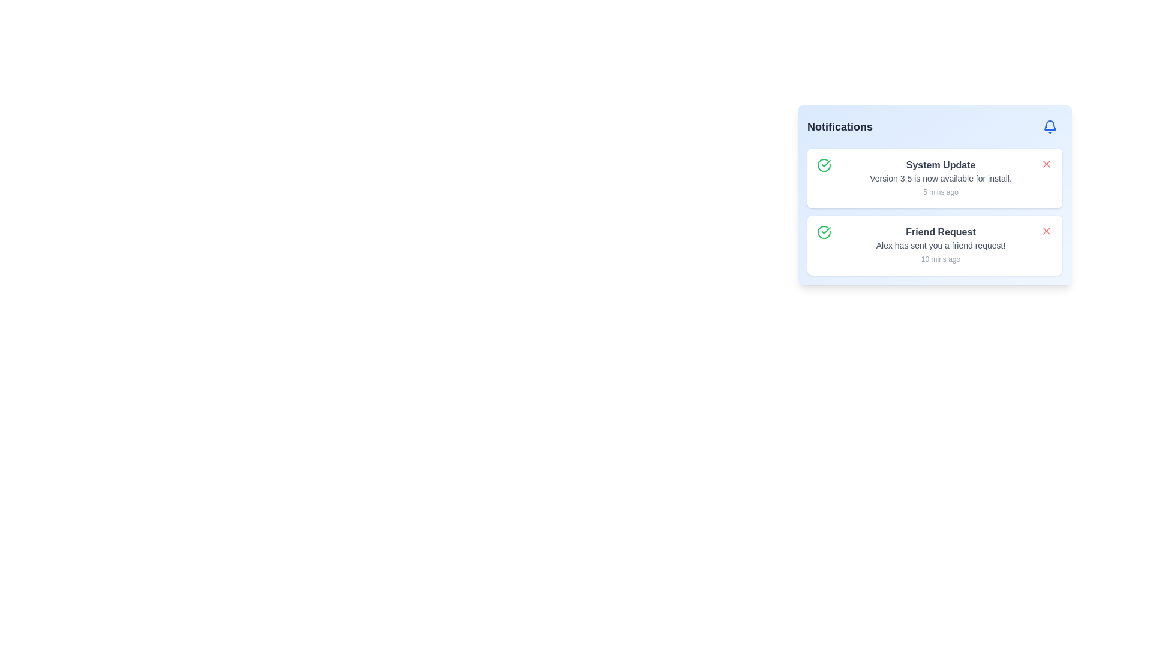 The height and width of the screenshot is (647, 1151). Describe the element at coordinates (940, 165) in the screenshot. I see `text from the 'System Update' label, which is styled in bold dark gray and located at the top-left corner of its notification card` at that location.